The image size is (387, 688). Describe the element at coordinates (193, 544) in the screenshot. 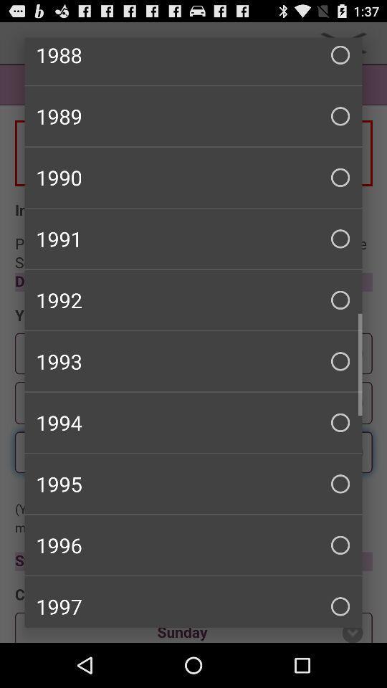

I see `the item above 1997 icon` at that location.